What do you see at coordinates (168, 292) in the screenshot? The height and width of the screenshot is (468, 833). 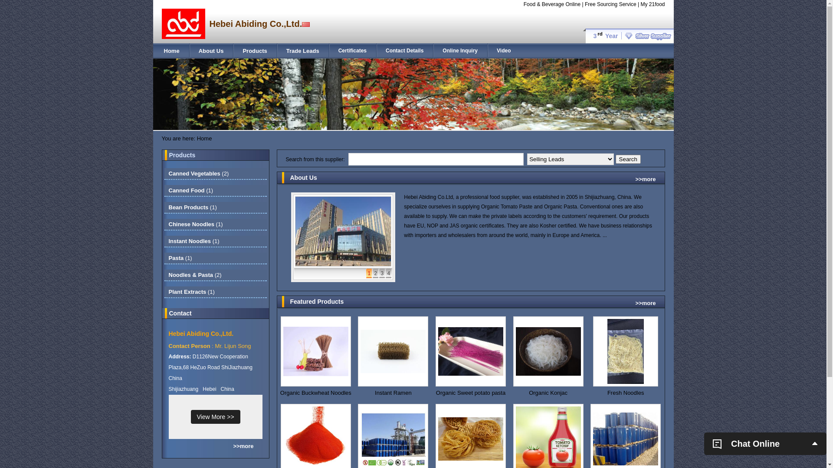 I see `'Plant Extracts (1)'` at bounding box center [168, 292].